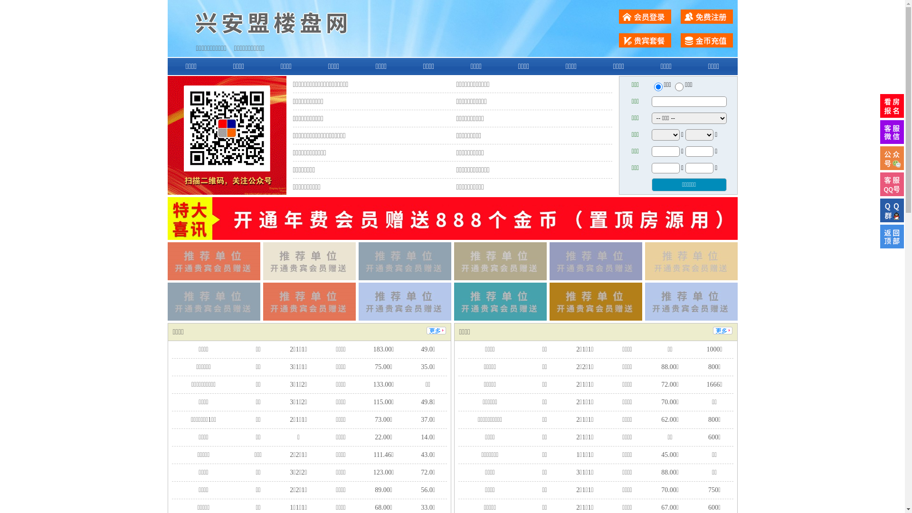 This screenshot has width=912, height=513. I want to click on 'chuzu', so click(674, 86).